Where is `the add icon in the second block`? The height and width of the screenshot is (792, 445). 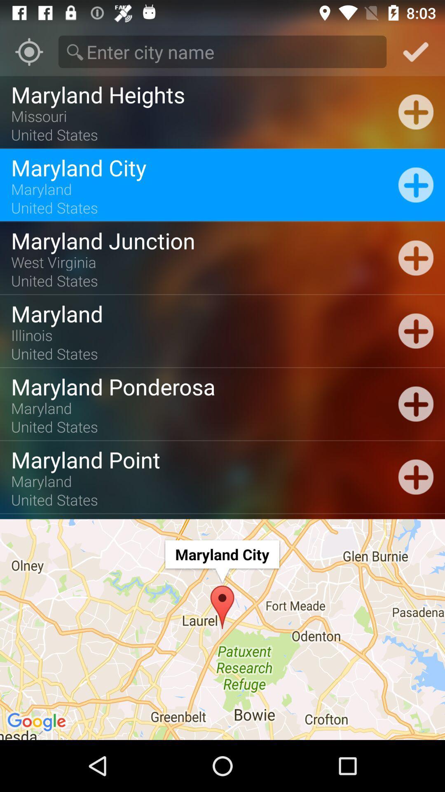 the add icon in the second block is located at coordinates (416, 184).